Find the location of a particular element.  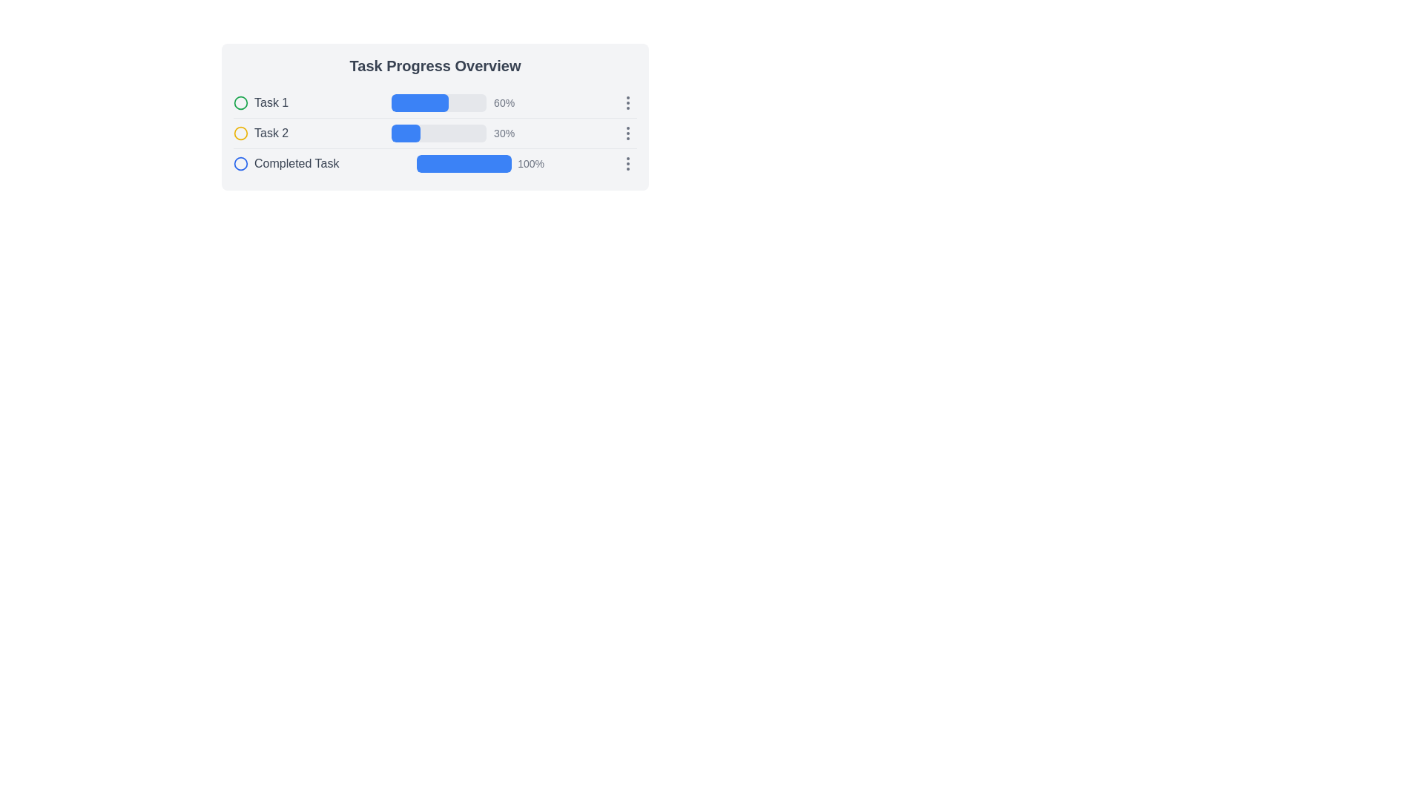

the SVG circle representing the status of 'Task 1' is located at coordinates (241, 102).